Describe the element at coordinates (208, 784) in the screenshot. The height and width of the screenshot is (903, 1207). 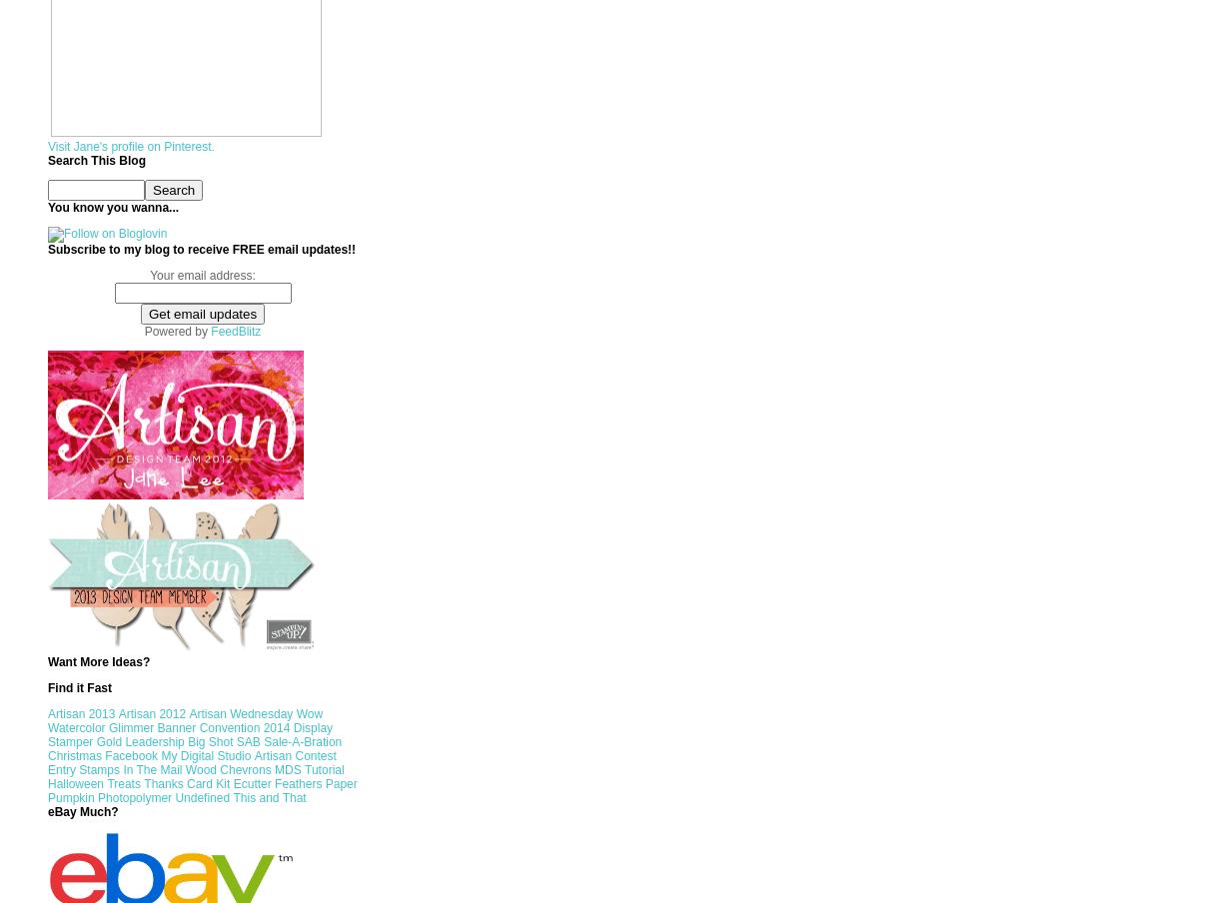
I see `'Card Kit'` at that location.